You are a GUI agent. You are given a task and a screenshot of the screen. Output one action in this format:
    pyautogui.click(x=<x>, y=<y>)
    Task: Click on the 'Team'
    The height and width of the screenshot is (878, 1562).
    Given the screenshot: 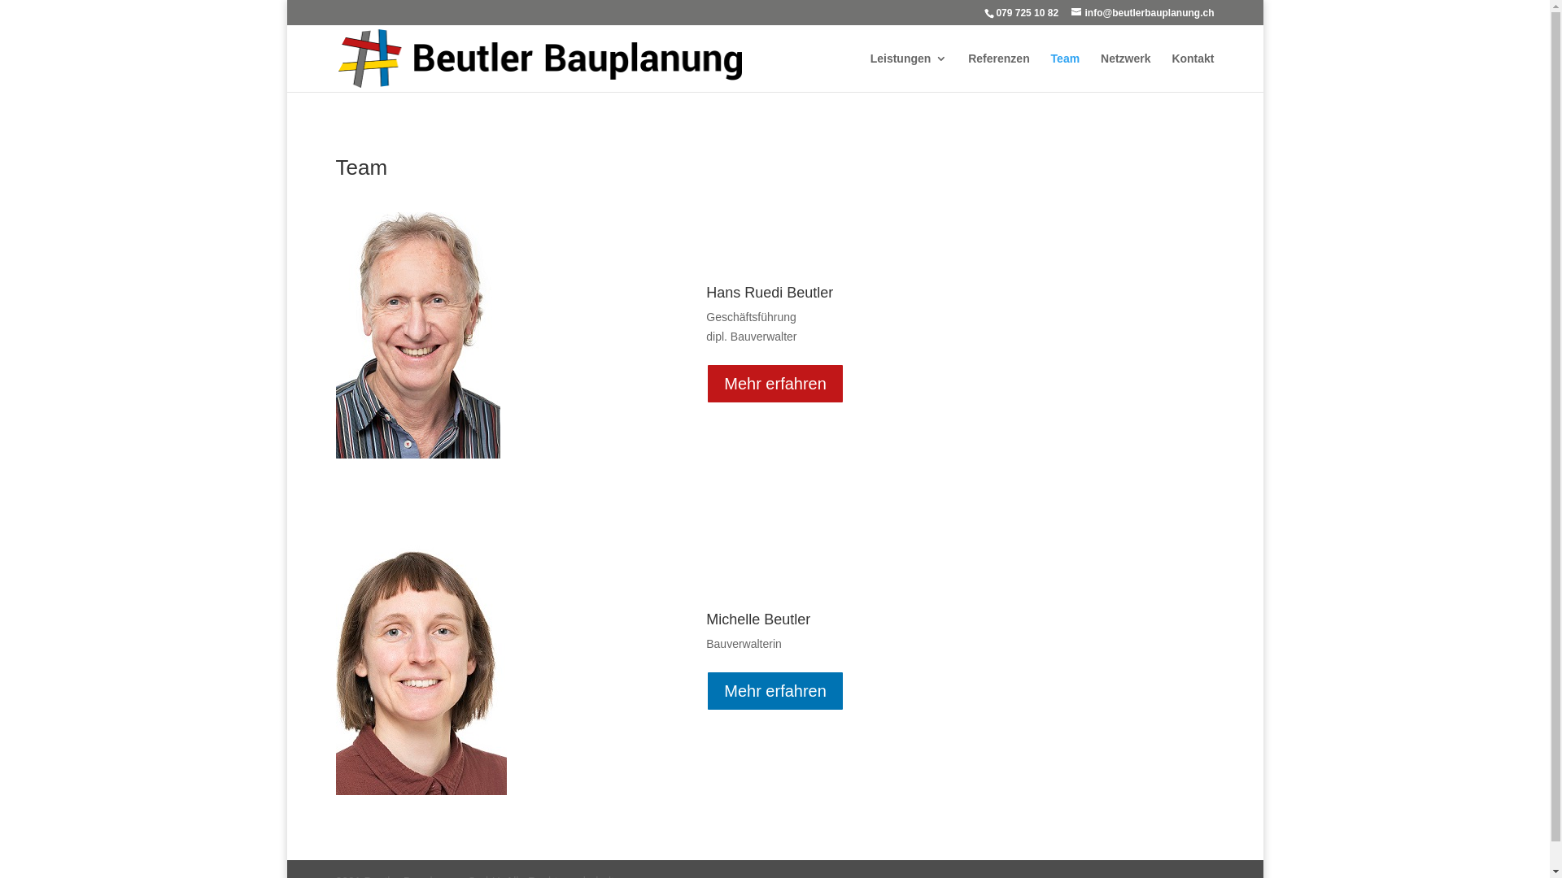 What is the action you would take?
    pyautogui.click(x=1050, y=71)
    